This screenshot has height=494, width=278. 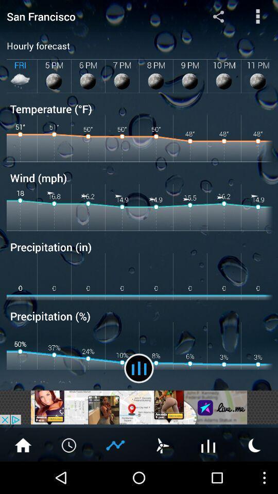 I want to click on menu button, so click(x=257, y=15).